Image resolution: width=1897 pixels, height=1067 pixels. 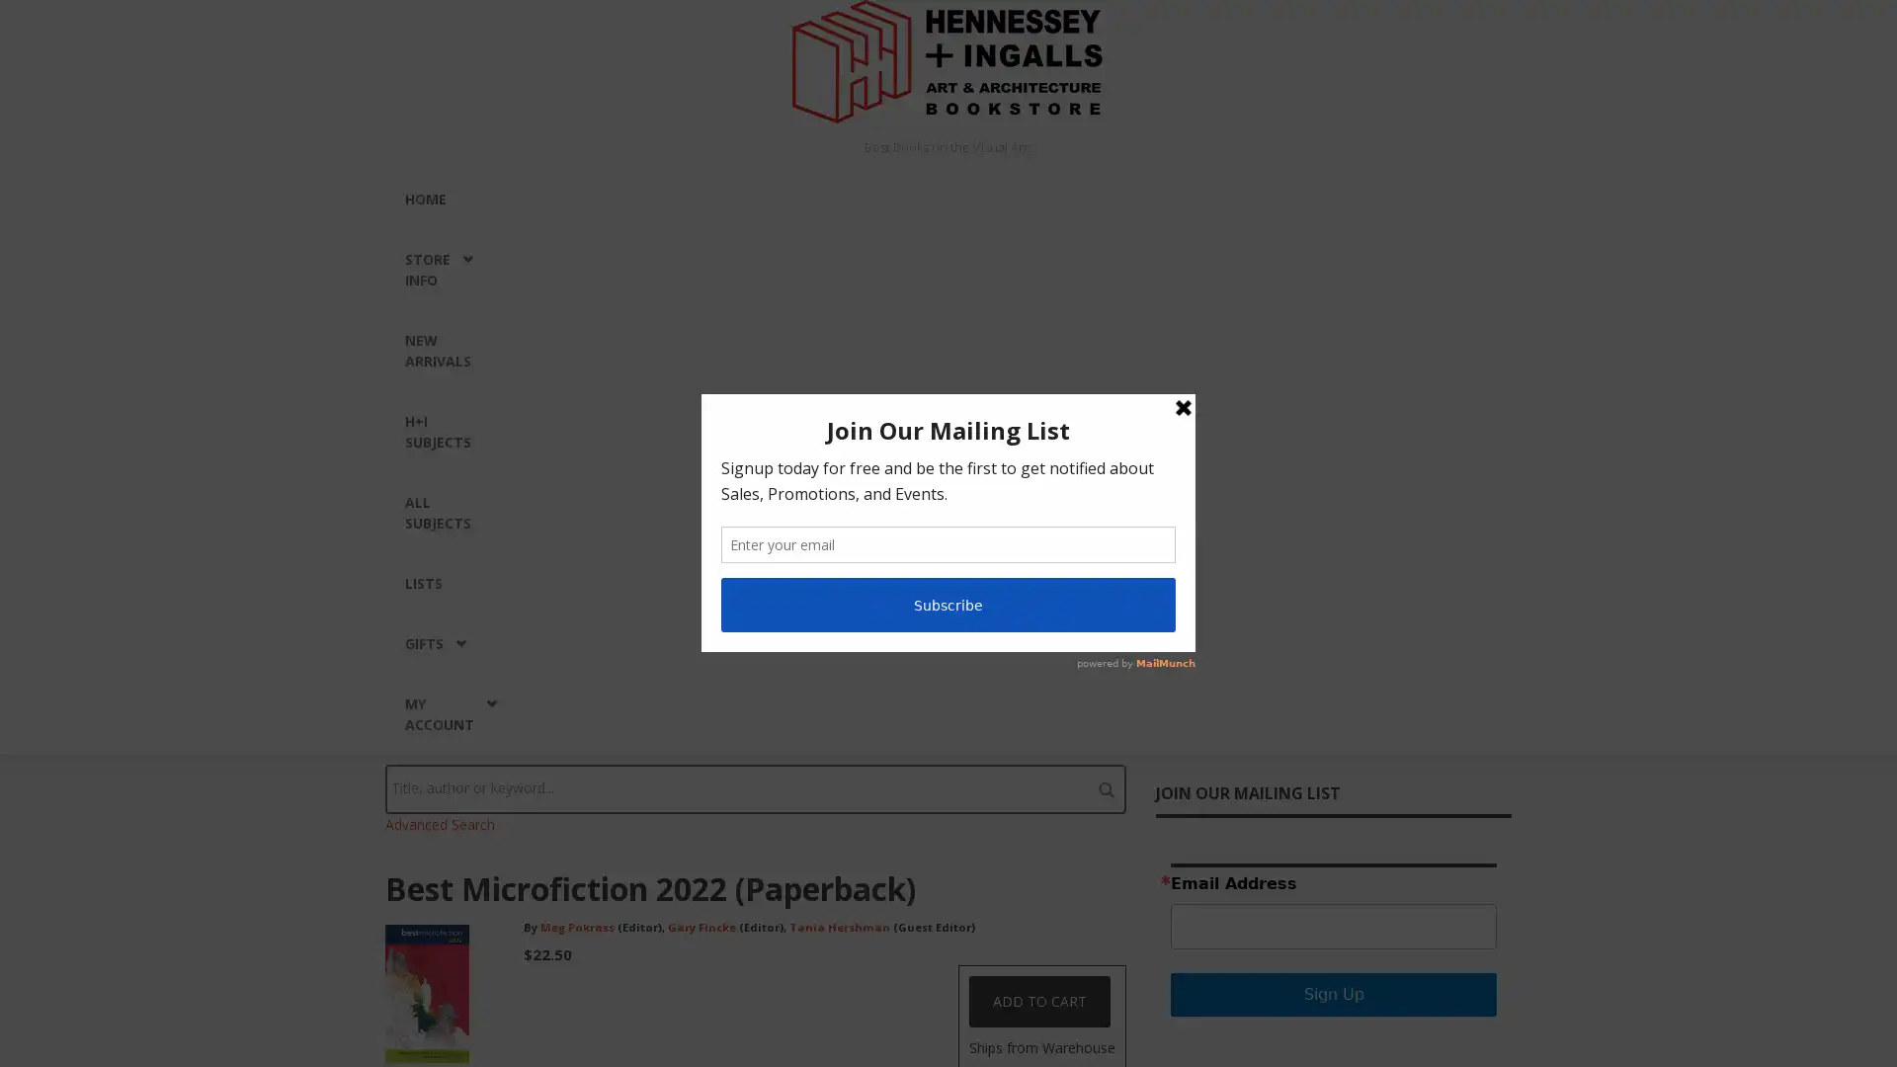 What do you see at coordinates (1105, 787) in the screenshot?
I see `search` at bounding box center [1105, 787].